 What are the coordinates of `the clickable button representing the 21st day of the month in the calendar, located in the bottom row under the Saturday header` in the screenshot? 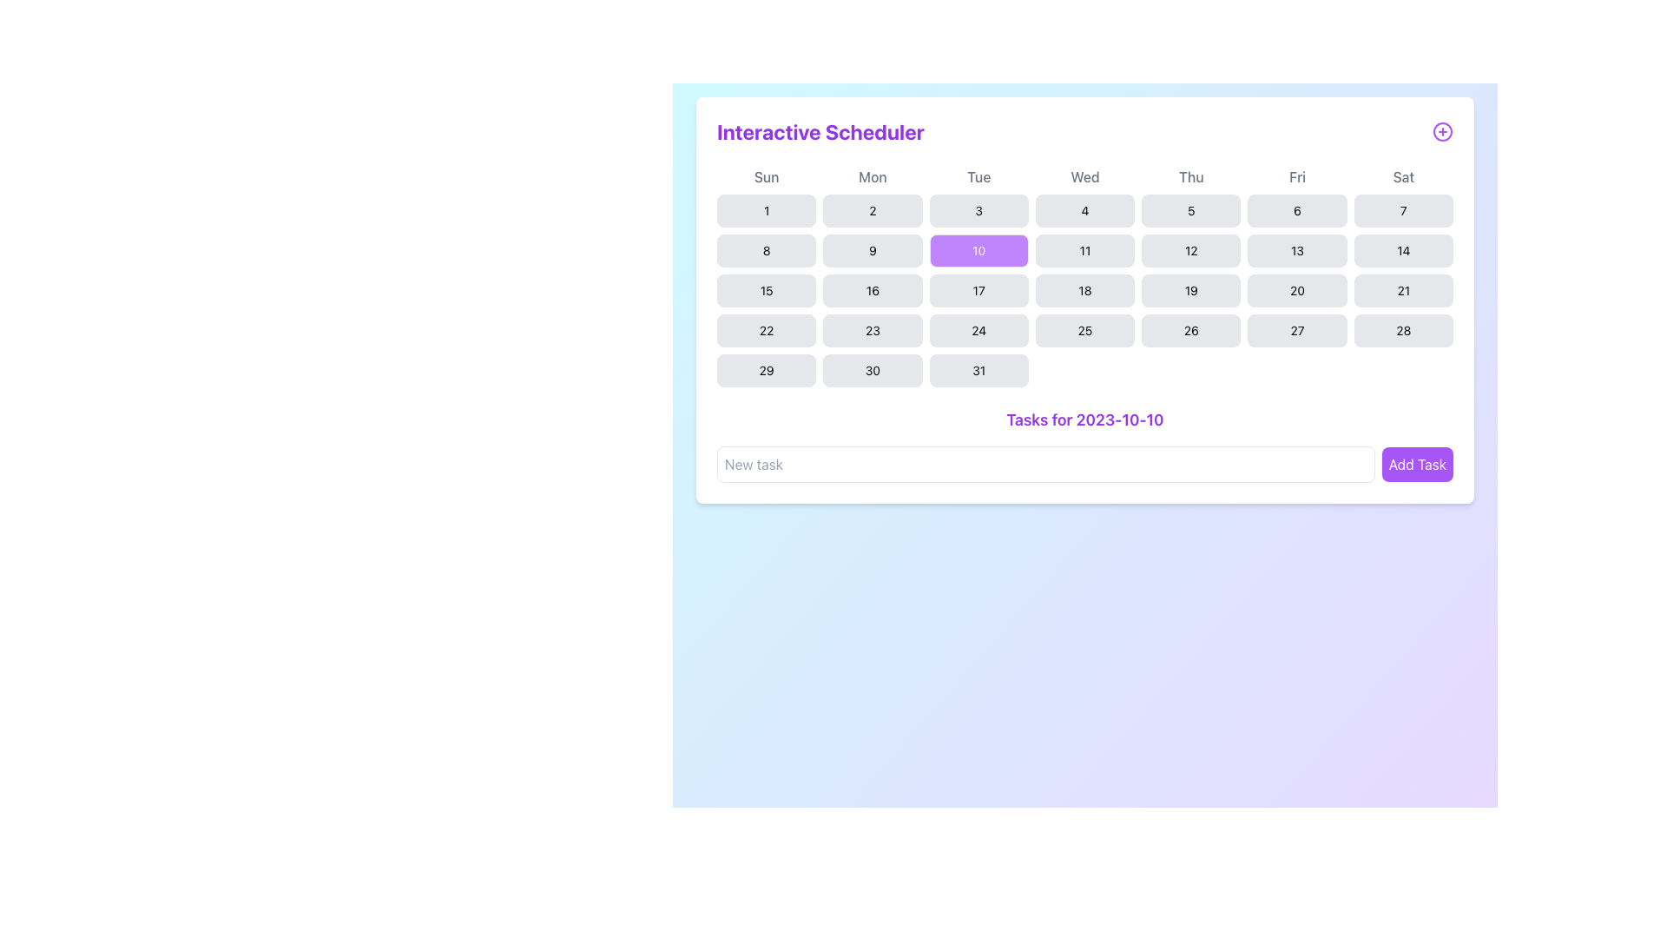 It's located at (1403, 290).